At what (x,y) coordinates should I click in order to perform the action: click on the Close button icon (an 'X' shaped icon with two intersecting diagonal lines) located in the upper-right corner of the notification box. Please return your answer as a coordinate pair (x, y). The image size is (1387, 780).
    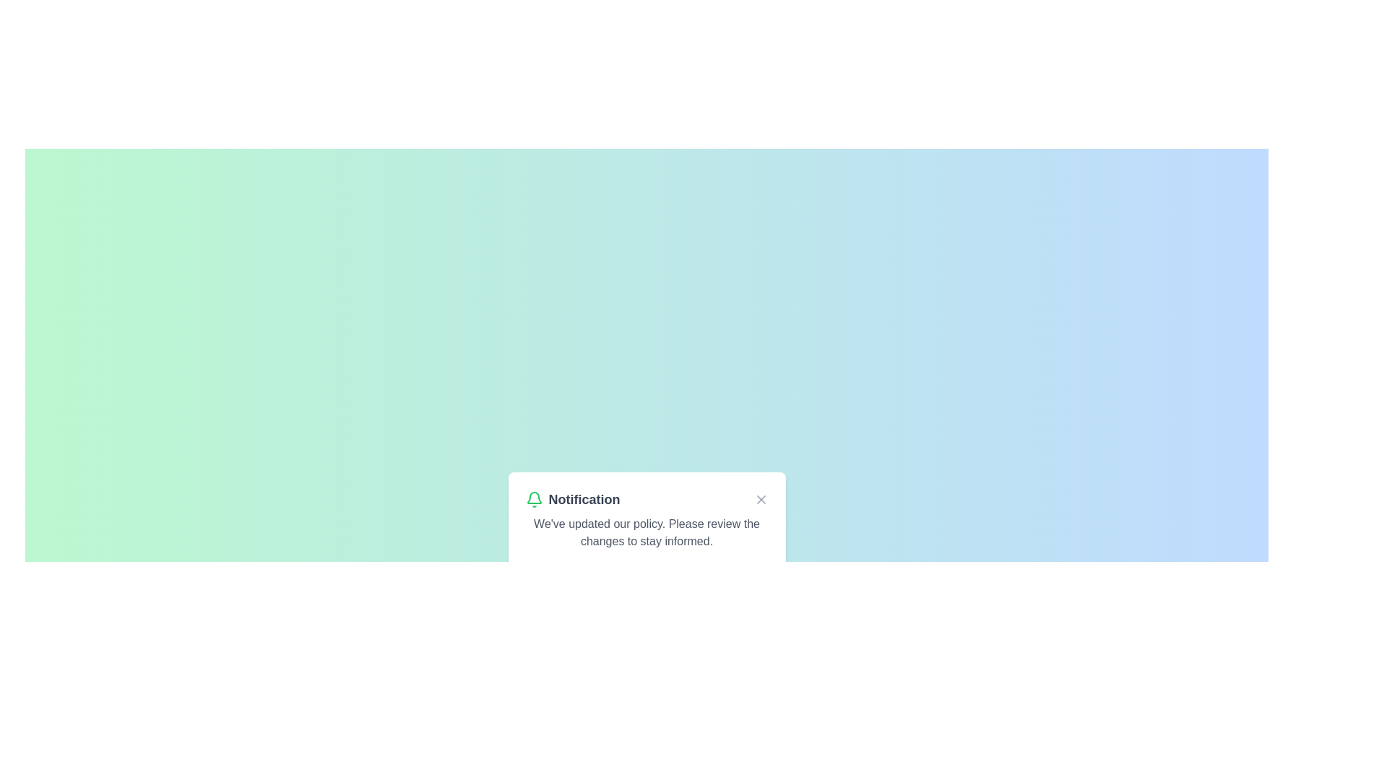
    Looking at the image, I should click on (760, 498).